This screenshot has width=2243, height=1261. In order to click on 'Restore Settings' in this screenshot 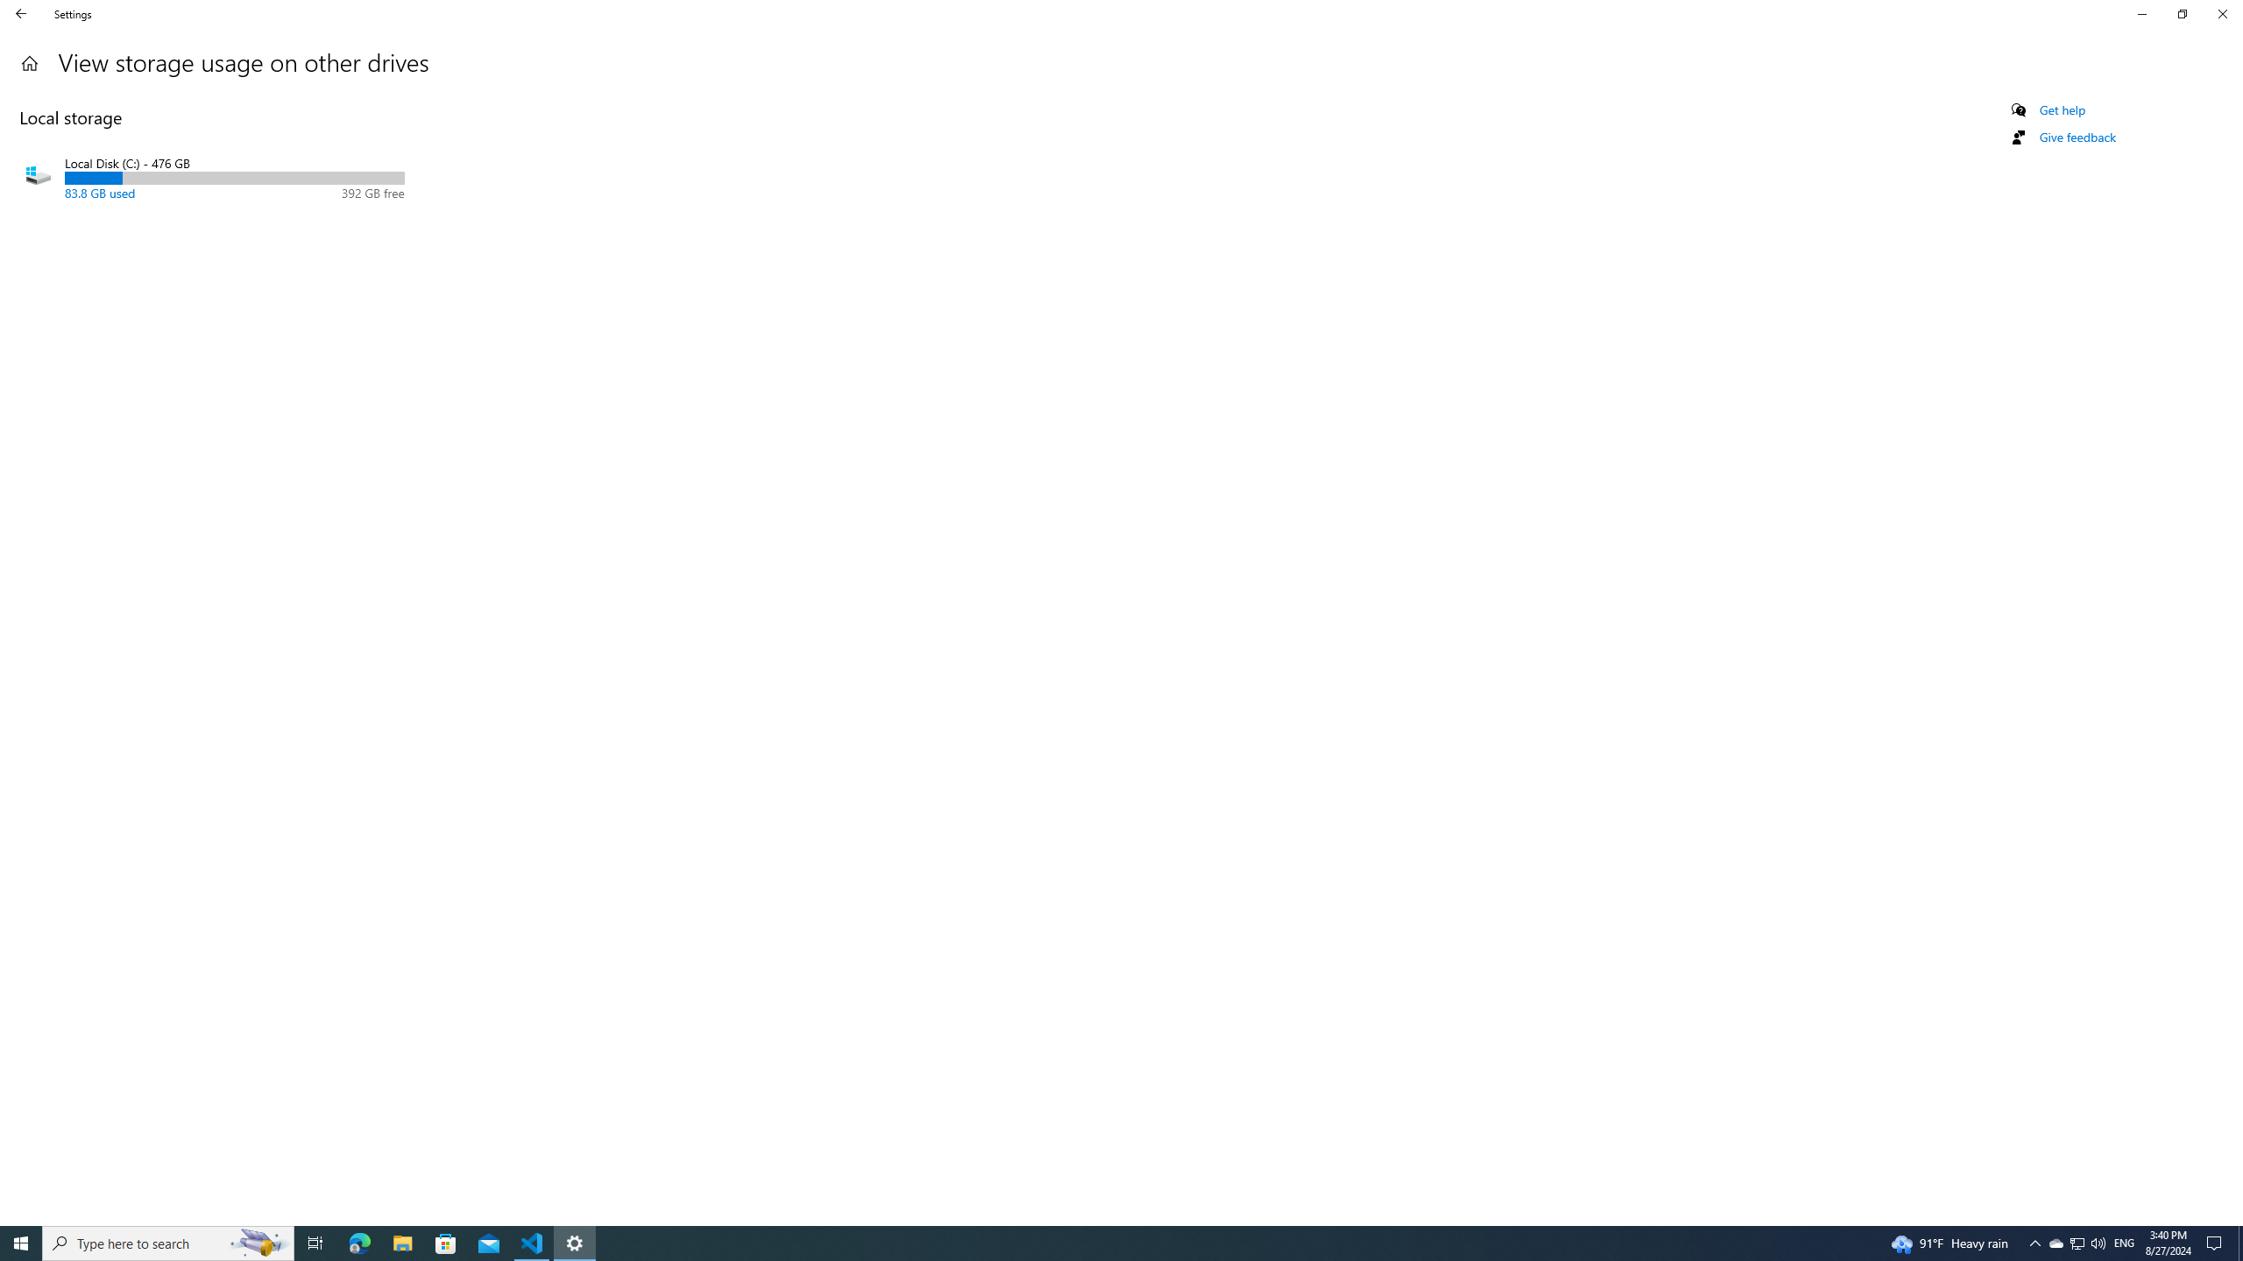, I will do `click(2182, 13)`.